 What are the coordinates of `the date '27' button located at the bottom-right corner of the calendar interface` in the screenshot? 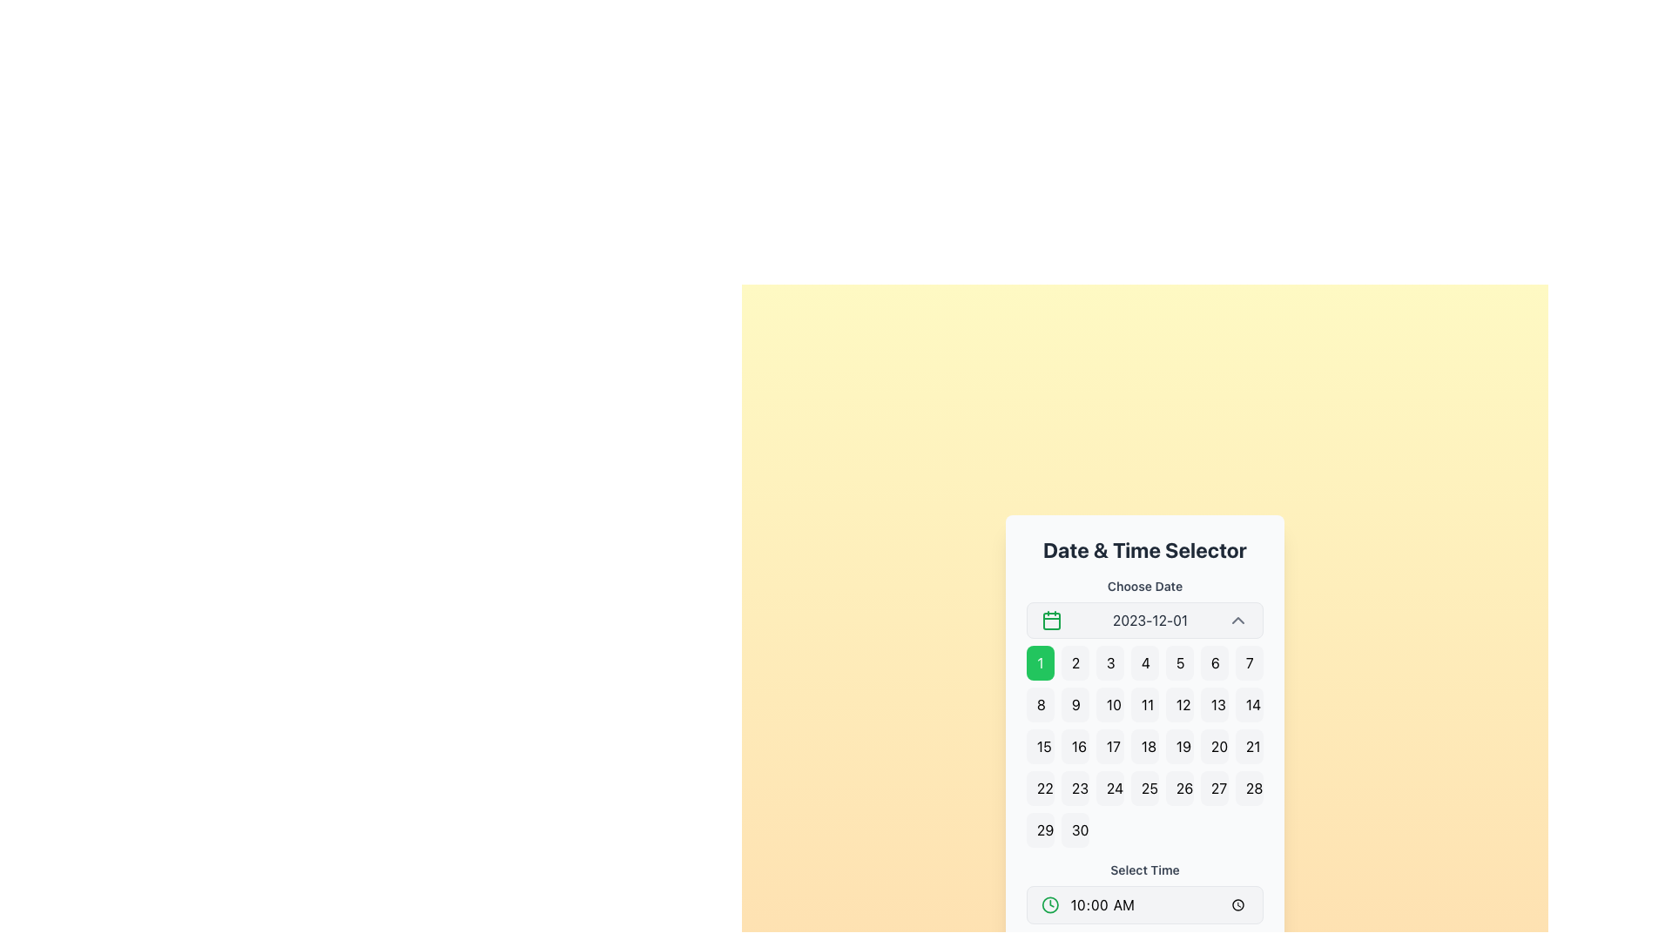 It's located at (1214, 789).